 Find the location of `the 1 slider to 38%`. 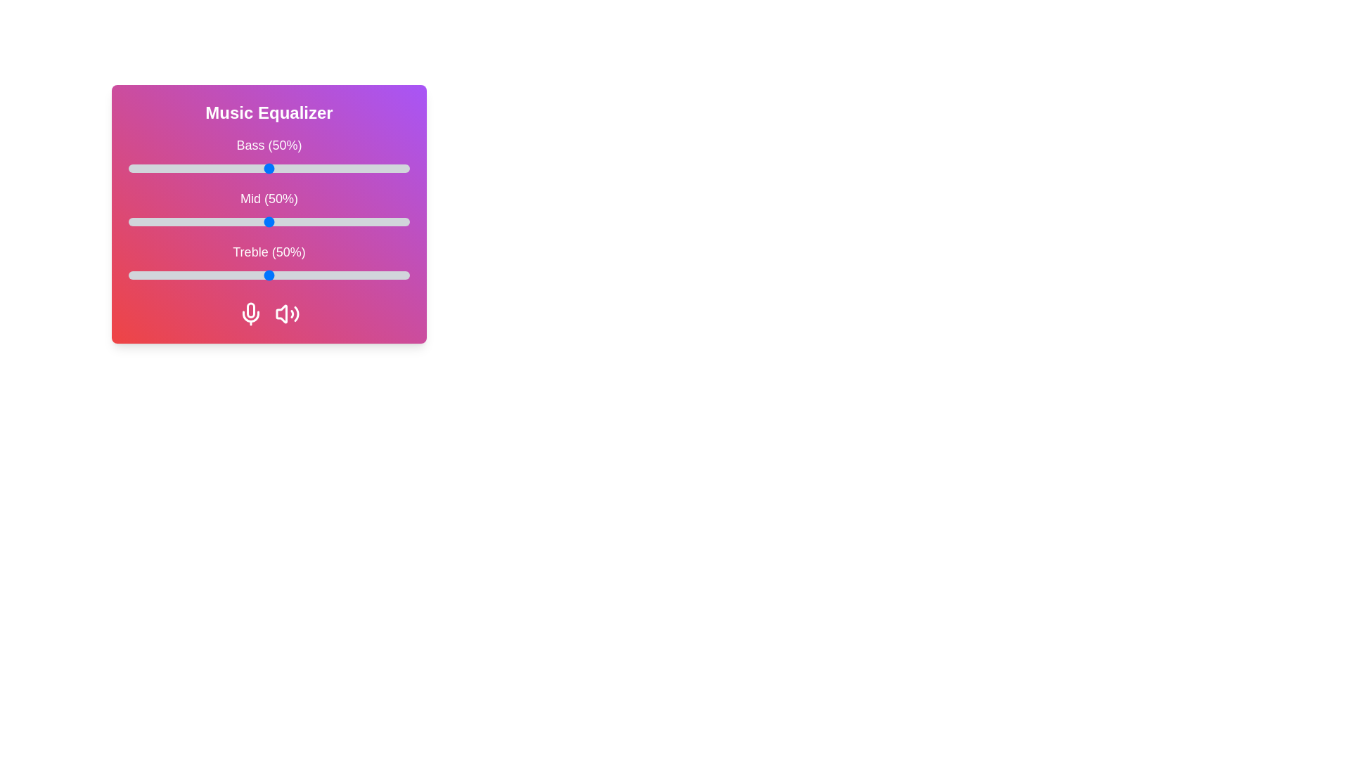

the 1 slider to 38% is located at coordinates (236, 221).